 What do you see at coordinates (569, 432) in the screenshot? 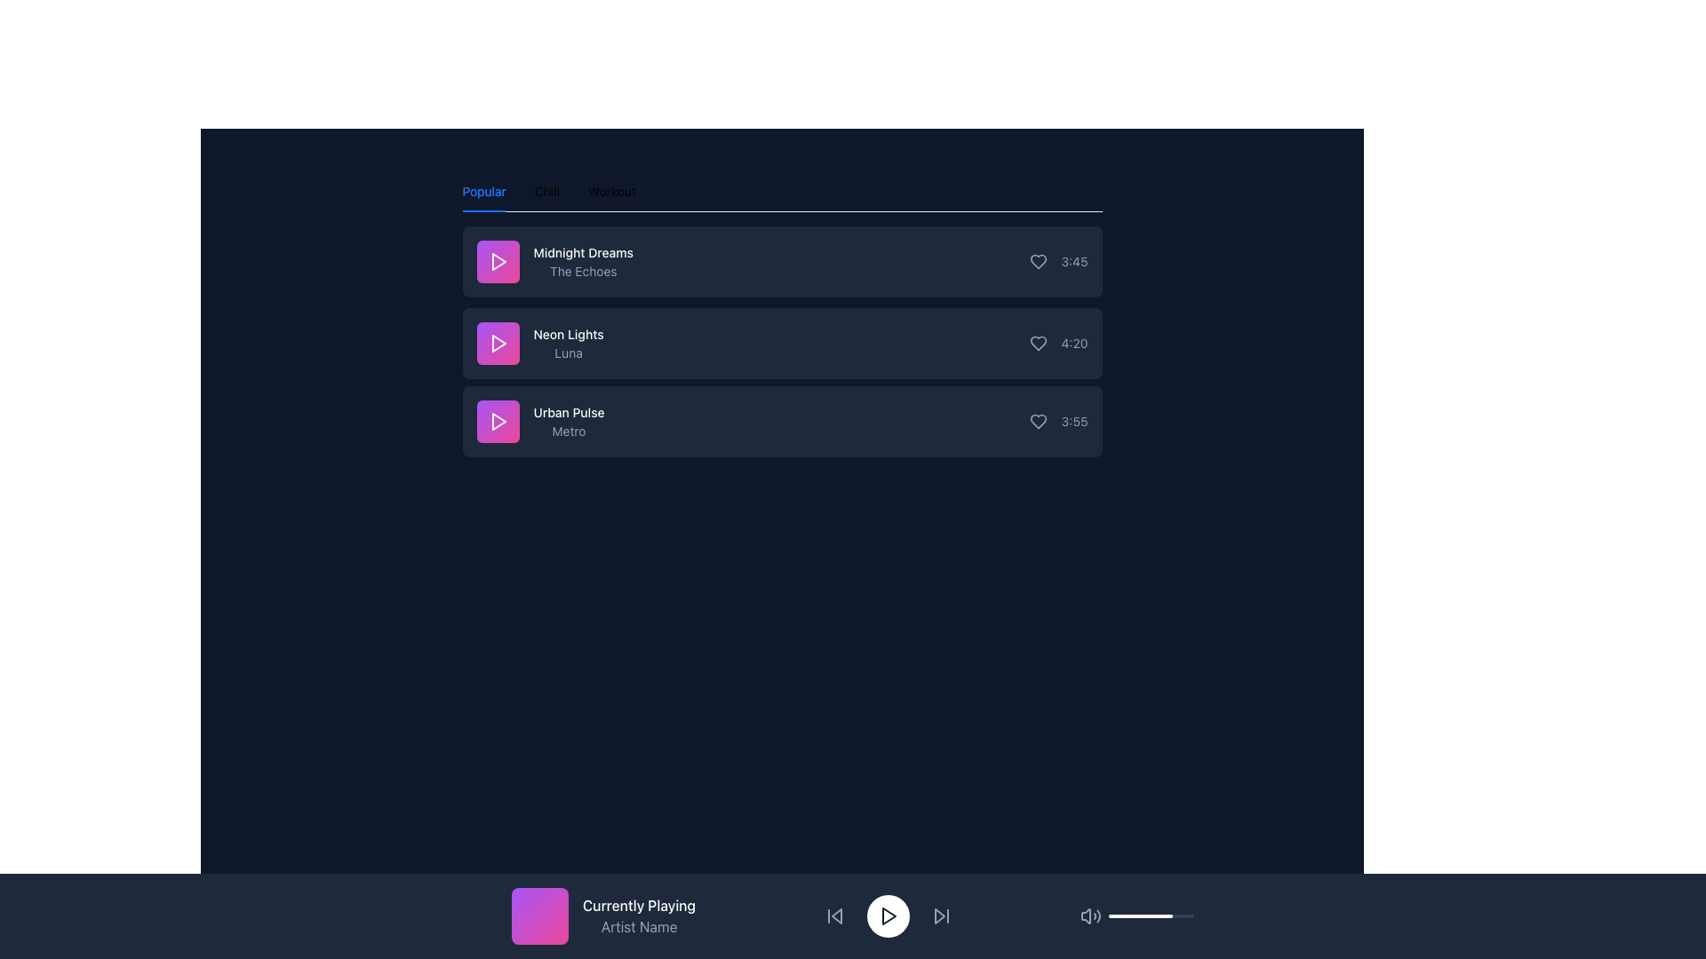
I see `the descriptive text label located directly beneath the 'Urban Pulse' item in the third row of the vertically stacked list` at bounding box center [569, 432].